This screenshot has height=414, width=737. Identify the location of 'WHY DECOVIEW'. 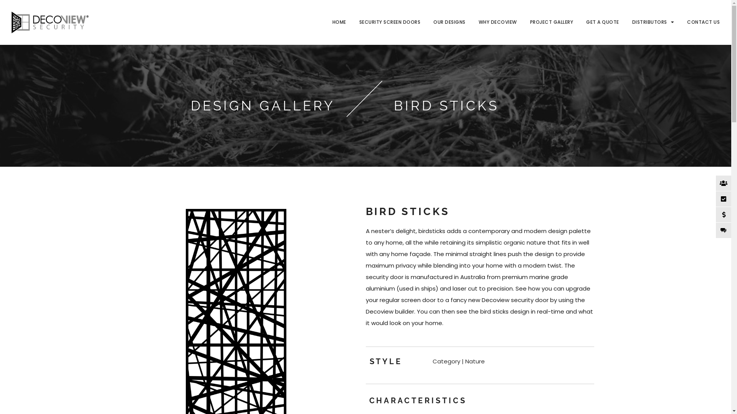
(497, 21).